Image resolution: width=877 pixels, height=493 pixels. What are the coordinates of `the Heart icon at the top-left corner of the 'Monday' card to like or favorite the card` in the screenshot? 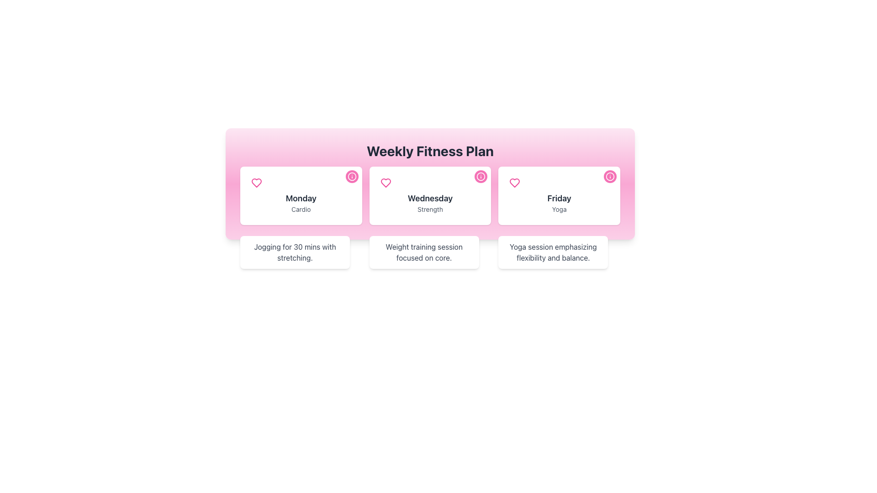 It's located at (256, 183).